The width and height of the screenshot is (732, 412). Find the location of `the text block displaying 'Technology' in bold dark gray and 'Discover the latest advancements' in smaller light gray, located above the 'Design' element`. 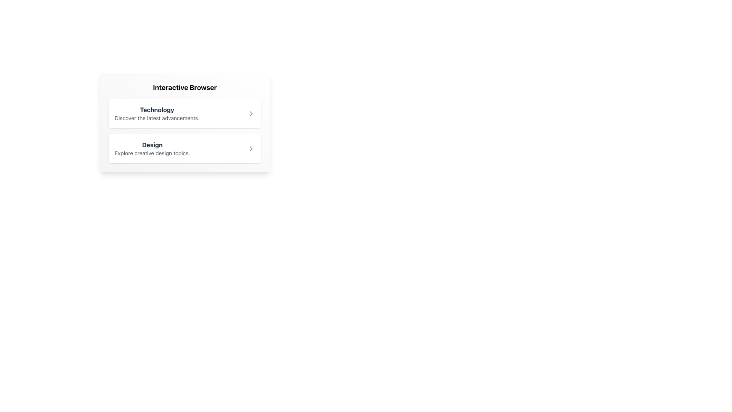

the text block displaying 'Technology' in bold dark gray and 'Discover the latest advancements' in smaller light gray, located above the 'Design' element is located at coordinates (157, 113).